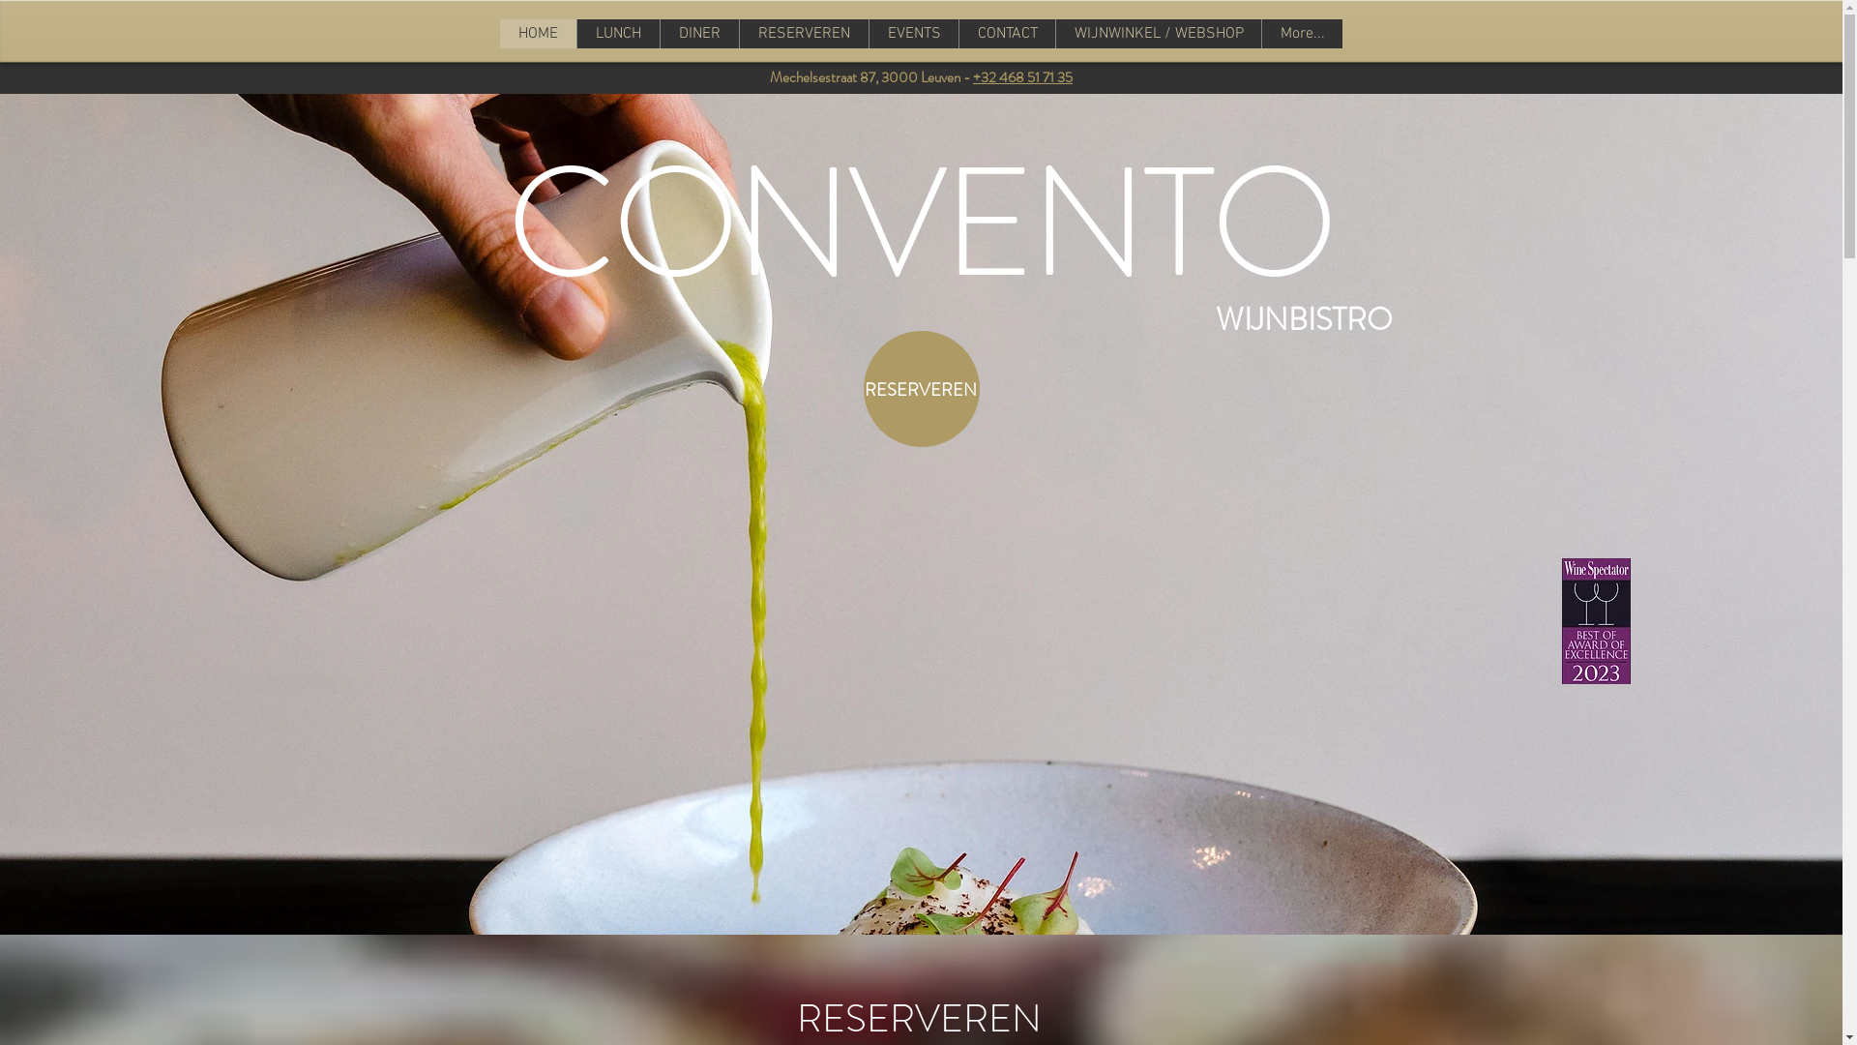  Describe the element at coordinates (603, 33) in the screenshot. I see `'LUNCH'` at that location.